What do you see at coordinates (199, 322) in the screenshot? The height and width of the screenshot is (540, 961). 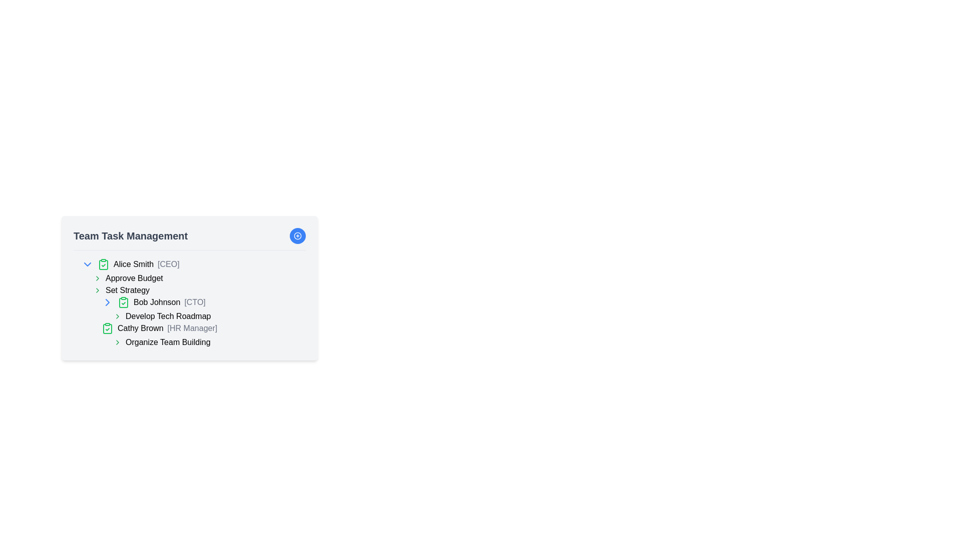 I see `the task text labeled 'Develop Tech Roadmap' under the 'Set Strategy' section` at bounding box center [199, 322].